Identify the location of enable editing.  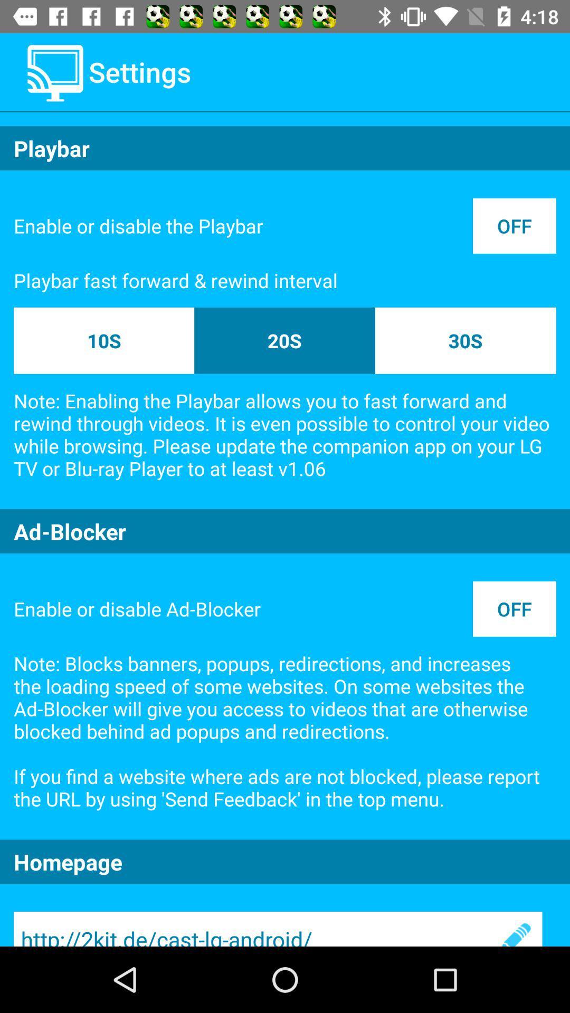
(514, 929).